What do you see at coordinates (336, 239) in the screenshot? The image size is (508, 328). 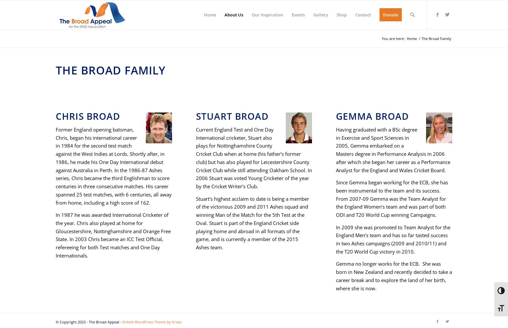 I see `'In 2009 she was promoted to Team Analyst for the England Men’s team and has so far tasted success in two Ashes campaigns (2009 and 2010/11) and the T20 World Cup victory in 2010.'` at bounding box center [336, 239].